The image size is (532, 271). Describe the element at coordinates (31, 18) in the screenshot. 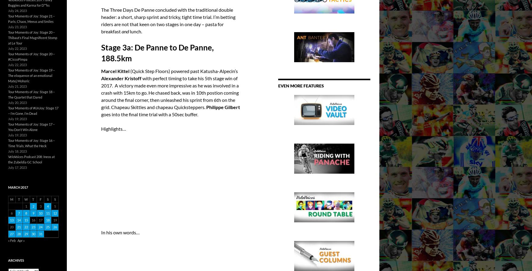

I see `'Tour Moments of Joy: Stage 21 – Paris, Chaos, Meeus and Smiles'` at that location.